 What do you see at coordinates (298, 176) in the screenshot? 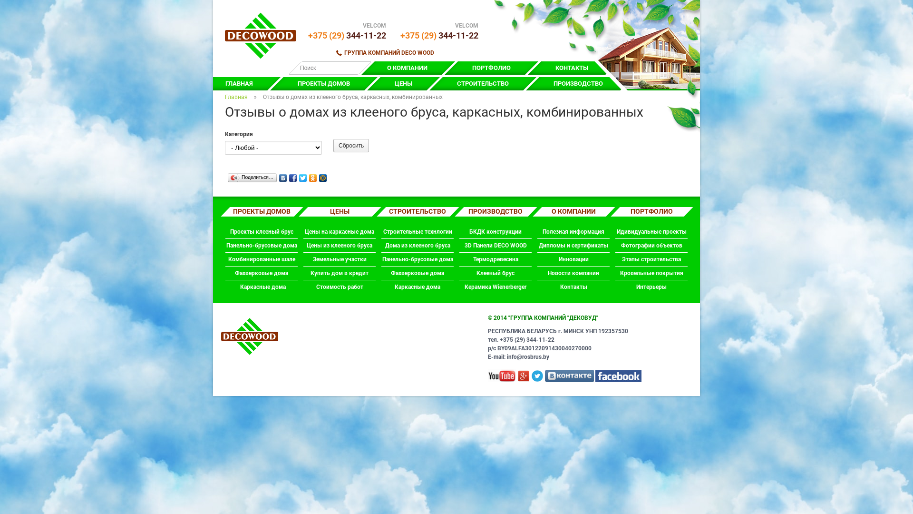
I see `'Twitter'` at bounding box center [298, 176].